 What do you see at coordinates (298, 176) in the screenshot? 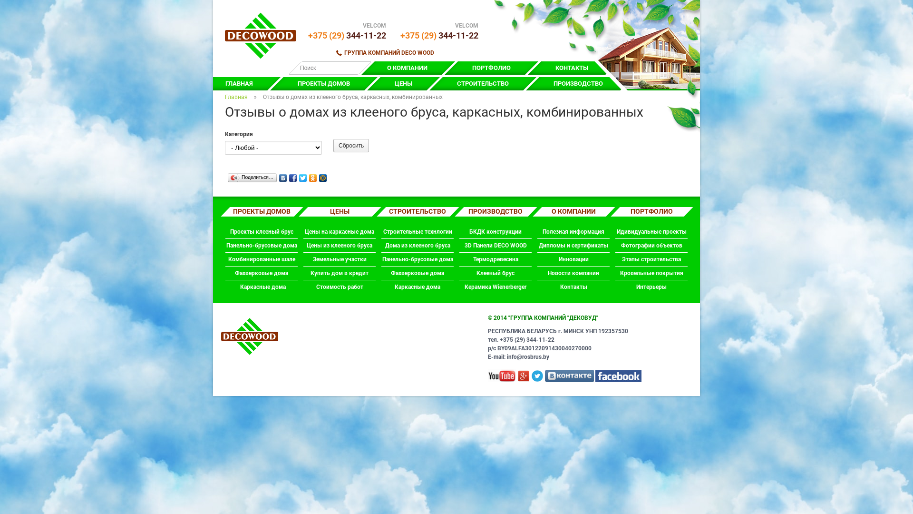
I see `'Twitter'` at bounding box center [298, 176].